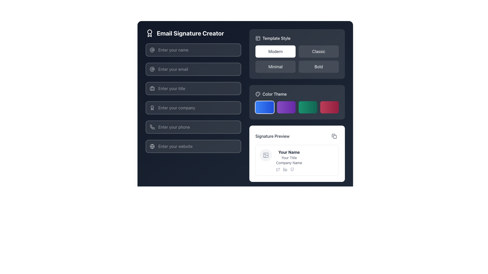 This screenshot has height=274, width=488. I want to click on the descriptive text label displaying '3-20 characters long', which is located to the right of the amber warning icon and aligns with the 'Enter your website' input field at the bottom of the form, so click(239, 150).